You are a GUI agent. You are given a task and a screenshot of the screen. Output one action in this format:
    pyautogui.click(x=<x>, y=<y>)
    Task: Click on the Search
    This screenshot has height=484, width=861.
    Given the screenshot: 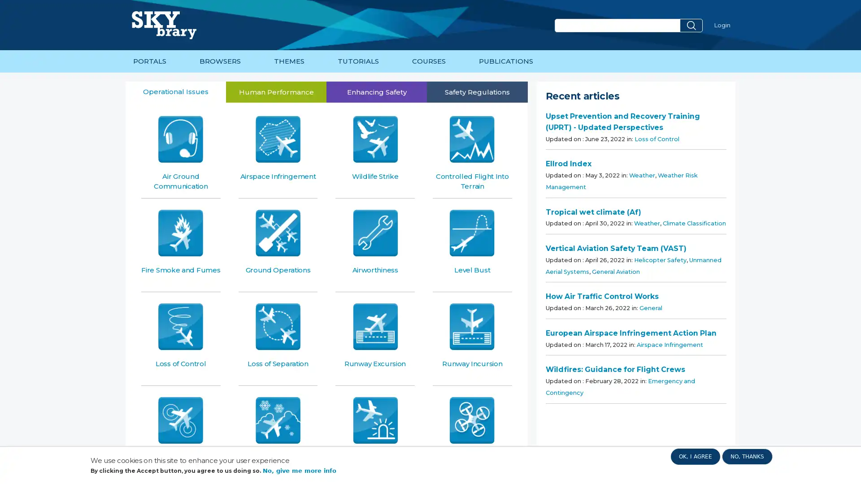 What is the action you would take?
    pyautogui.click(x=691, y=25)
    